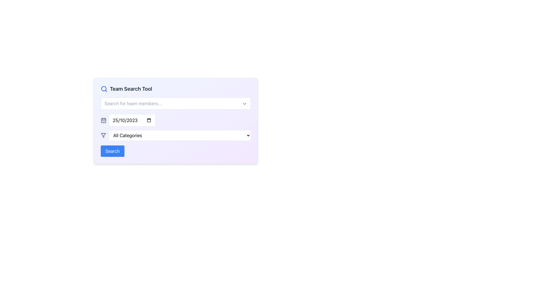 The height and width of the screenshot is (308, 548). What do you see at coordinates (104, 89) in the screenshot?
I see `the search tool icon located at the leftmost position of the 'Team Search Tool' group` at bounding box center [104, 89].